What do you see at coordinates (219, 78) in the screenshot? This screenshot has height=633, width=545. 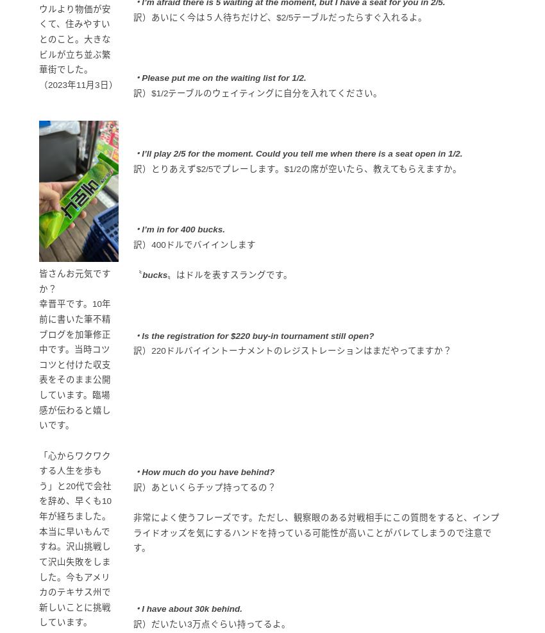 I see `'・Please put me on the waiting list for 1/2.'` at bounding box center [219, 78].